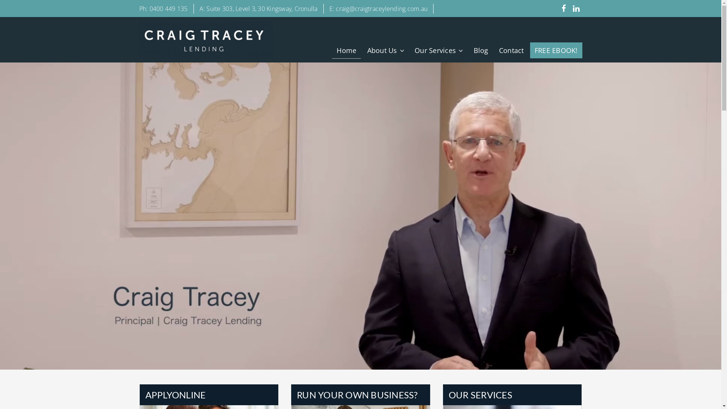  What do you see at coordinates (385, 50) in the screenshot?
I see `'About Us'` at bounding box center [385, 50].